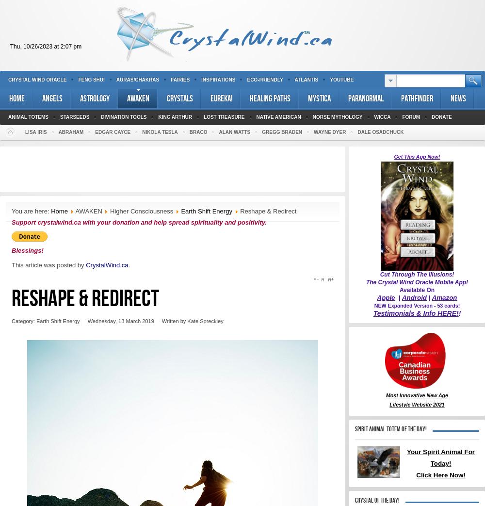 The height and width of the screenshot is (506, 485). I want to click on 'AWAKEN', so click(75, 211).